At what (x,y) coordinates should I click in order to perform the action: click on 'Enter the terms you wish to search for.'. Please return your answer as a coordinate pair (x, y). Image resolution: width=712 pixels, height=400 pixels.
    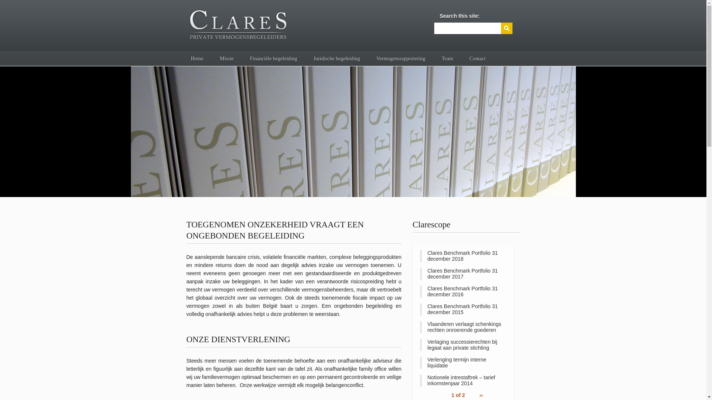
    Looking at the image, I should click on (467, 28).